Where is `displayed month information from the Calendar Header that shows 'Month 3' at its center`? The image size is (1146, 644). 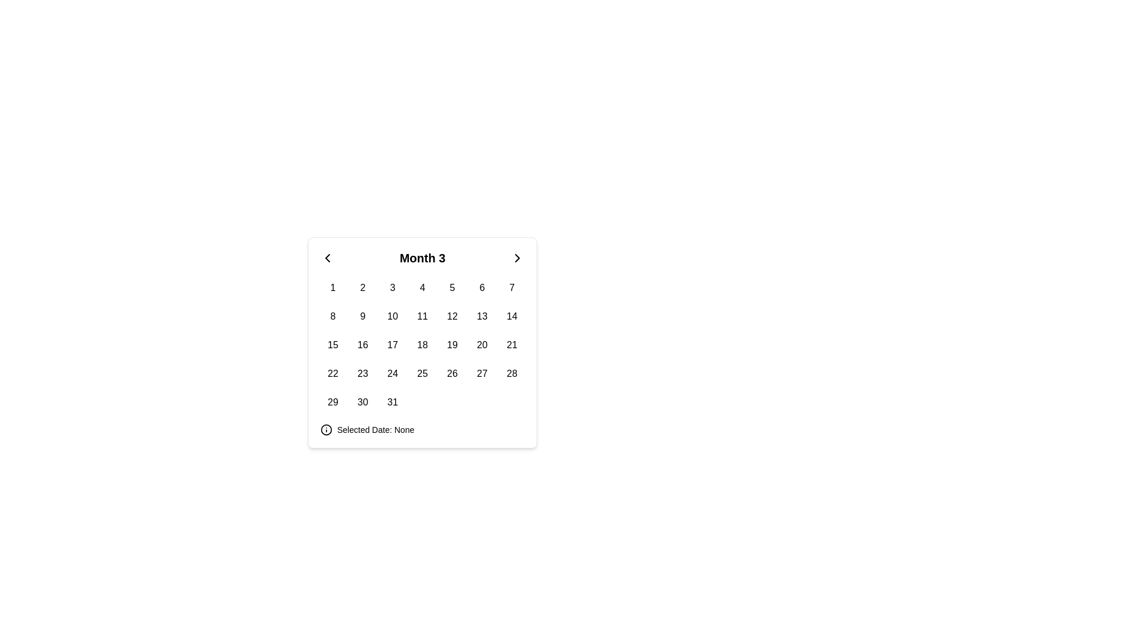
displayed month information from the Calendar Header that shows 'Month 3' at its center is located at coordinates (423, 257).